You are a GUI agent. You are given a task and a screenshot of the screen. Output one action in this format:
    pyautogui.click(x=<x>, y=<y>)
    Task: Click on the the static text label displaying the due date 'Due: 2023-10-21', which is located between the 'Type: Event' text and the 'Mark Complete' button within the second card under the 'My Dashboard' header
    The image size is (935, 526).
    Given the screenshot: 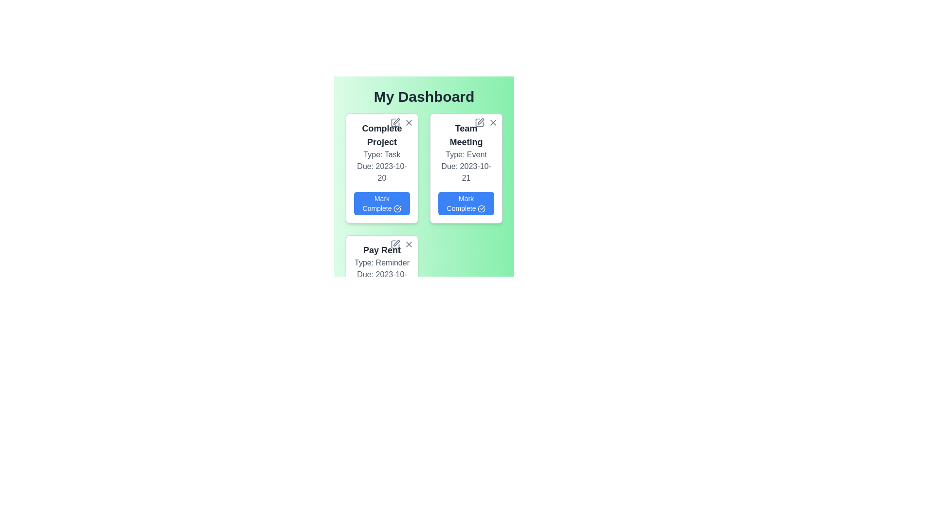 What is the action you would take?
    pyautogui.click(x=466, y=172)
    